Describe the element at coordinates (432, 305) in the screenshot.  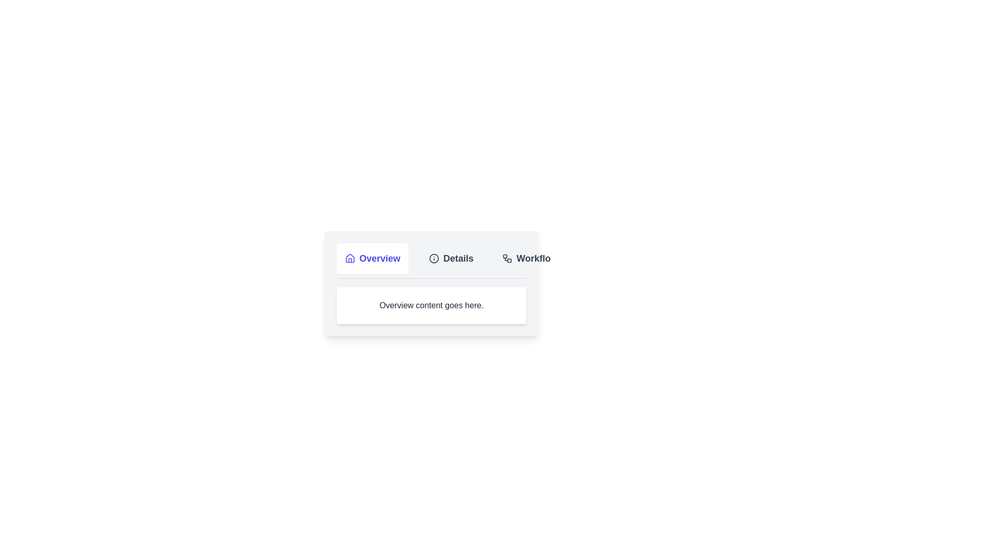
I see `the static text box with the centered text 'Overview content goes here,' which is located directly below the navigation bar` at that location.